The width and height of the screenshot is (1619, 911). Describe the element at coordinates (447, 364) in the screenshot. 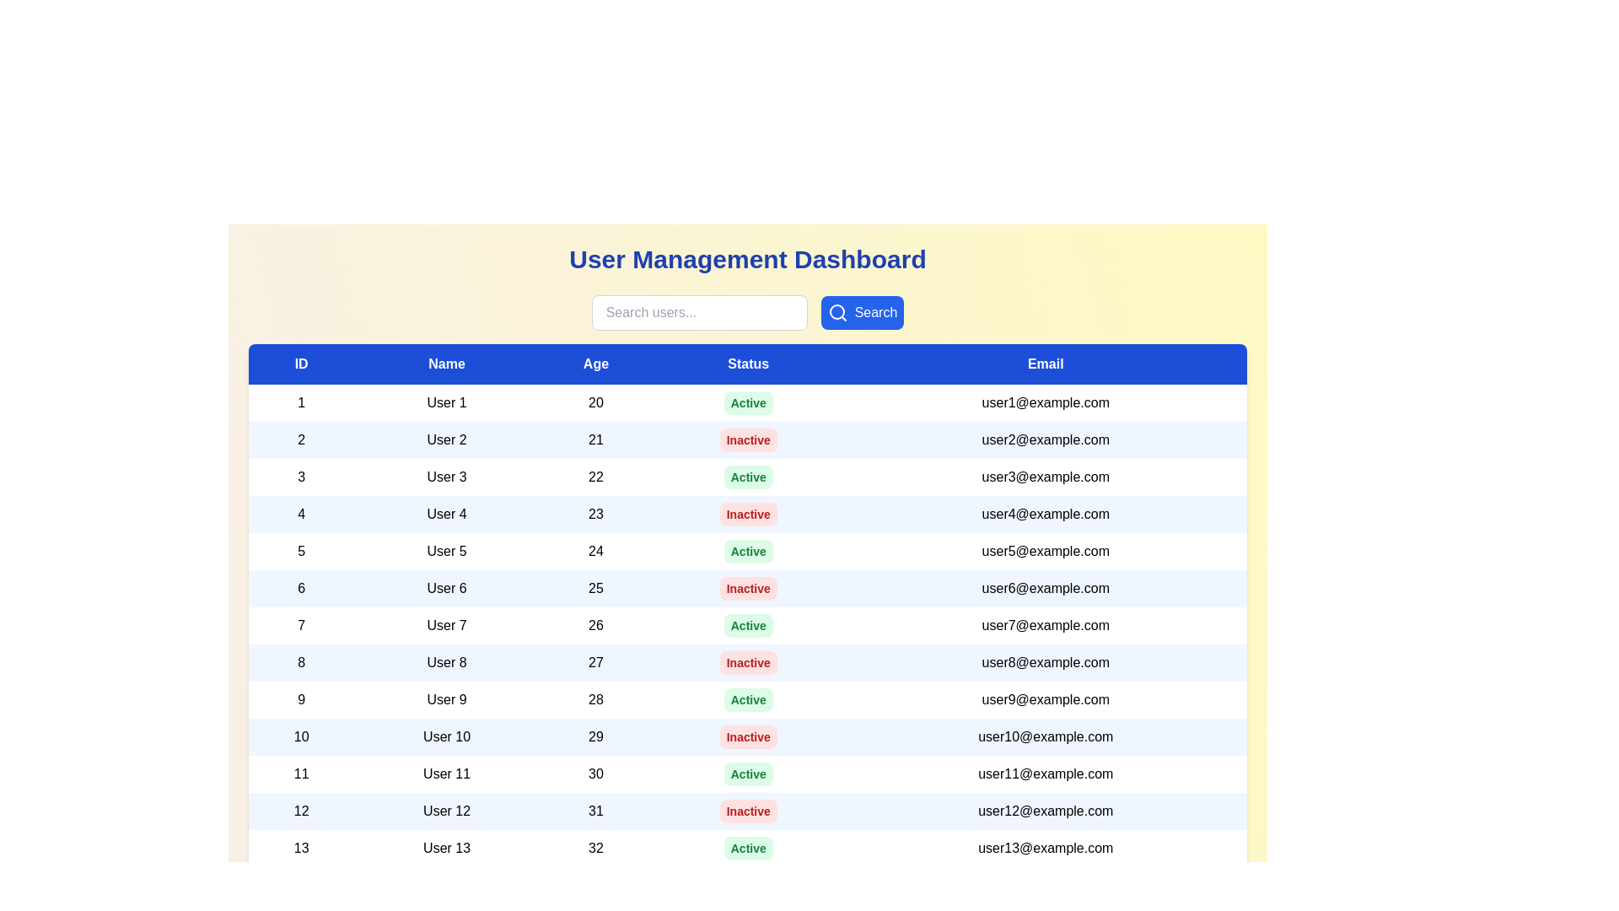

I see `the column header Name to sort the table by that column` at that location.